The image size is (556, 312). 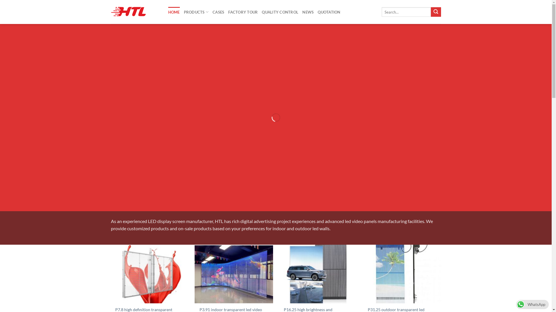 I want to click on 'WhatsApp', so click(x=532, y=304).